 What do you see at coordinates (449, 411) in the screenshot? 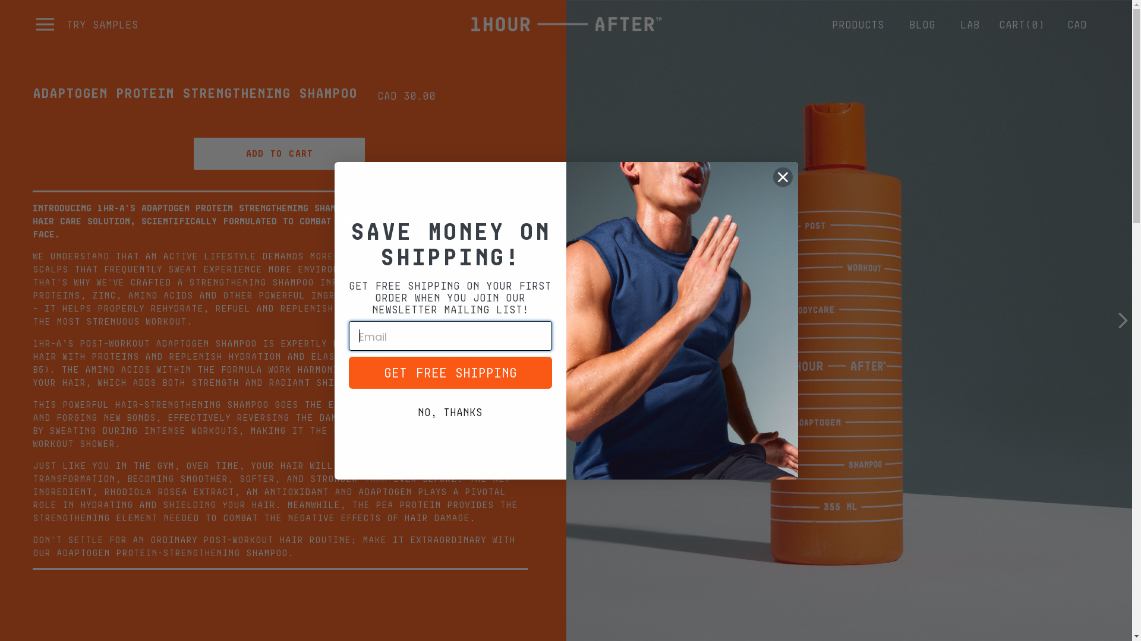
I see `'No, thanks'` at bounding box center [449, 411].